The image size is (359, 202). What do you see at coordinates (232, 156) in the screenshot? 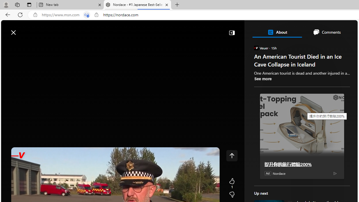
I see `'Class: control icon-only'` at bounding box center [232, 156].